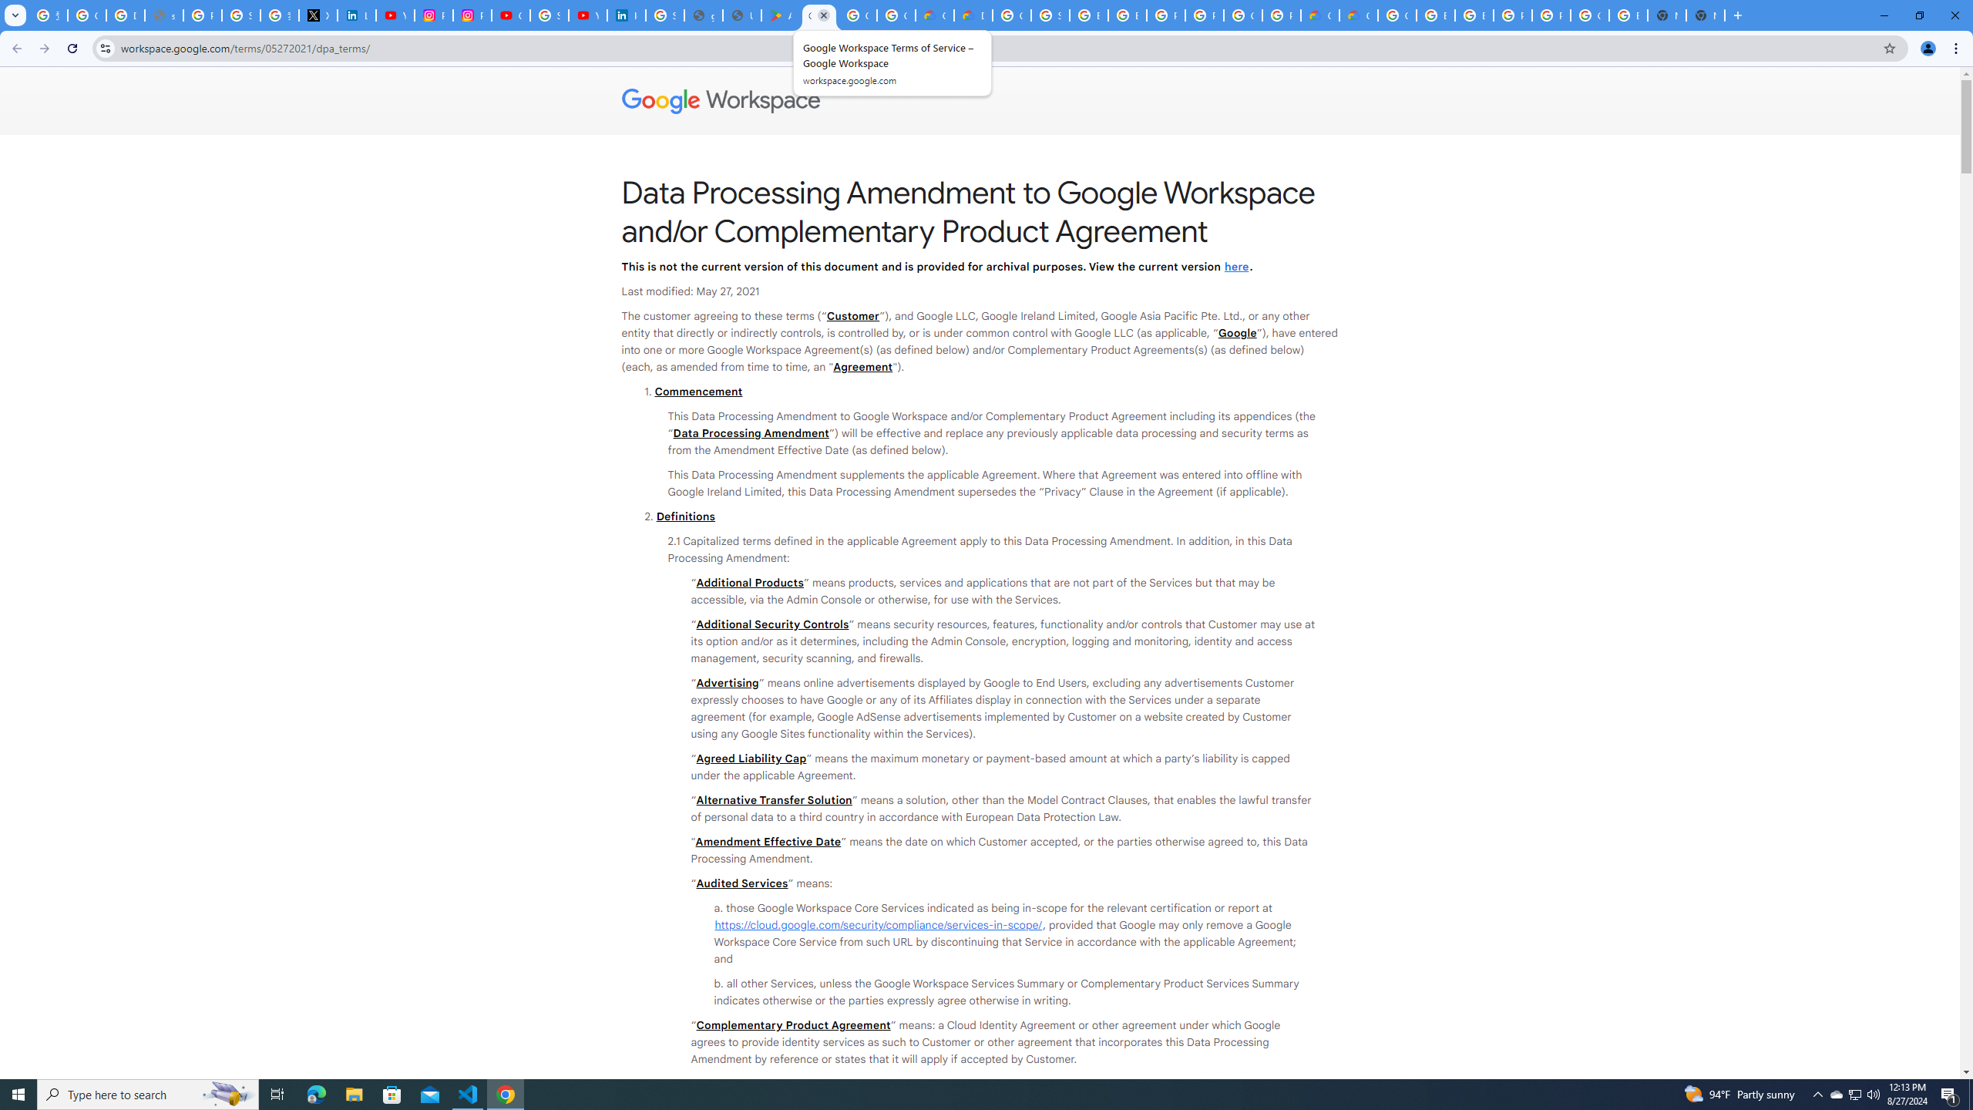  Describe the element at coordinates (395, 15) in the screenshot. I see `'YouTube Content Monetization Policies - How YouTube Works'` at that location.